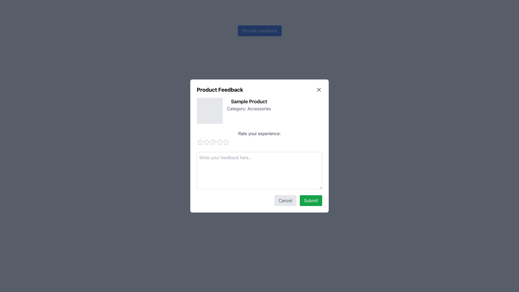 The image size is (519, 292). Describe the element at coordinates (319, 89) in the screenshot. I see `the small dark gray 'X' icon in the top-right corner of the 'Product Feedback' dialog box` at that location.